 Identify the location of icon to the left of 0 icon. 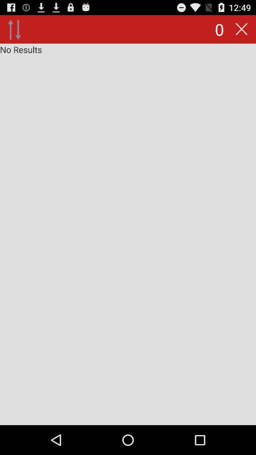
(14, 29).